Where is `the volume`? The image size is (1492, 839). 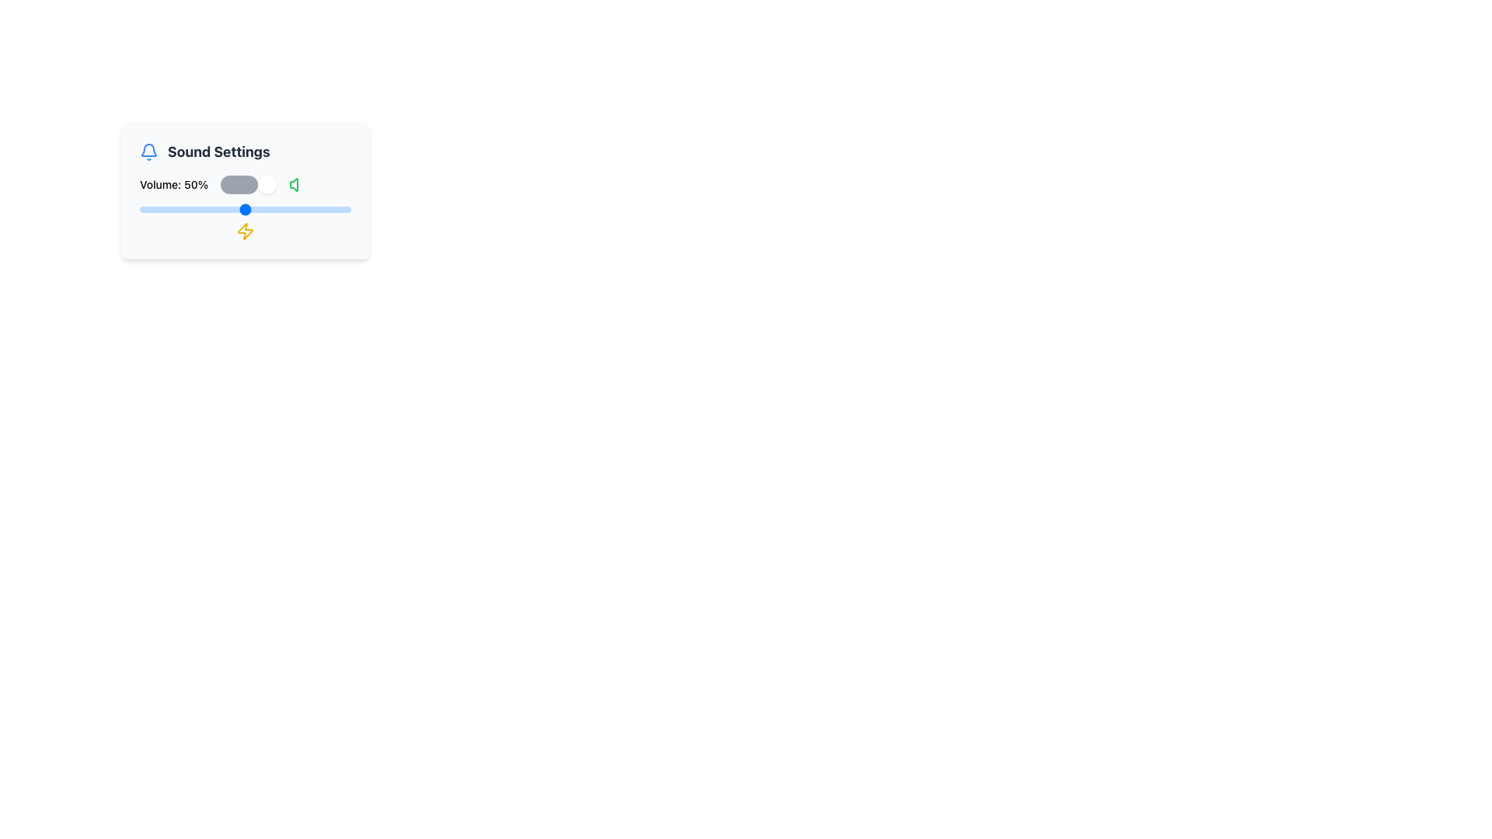 the volume is located at coordinates (207, 210).